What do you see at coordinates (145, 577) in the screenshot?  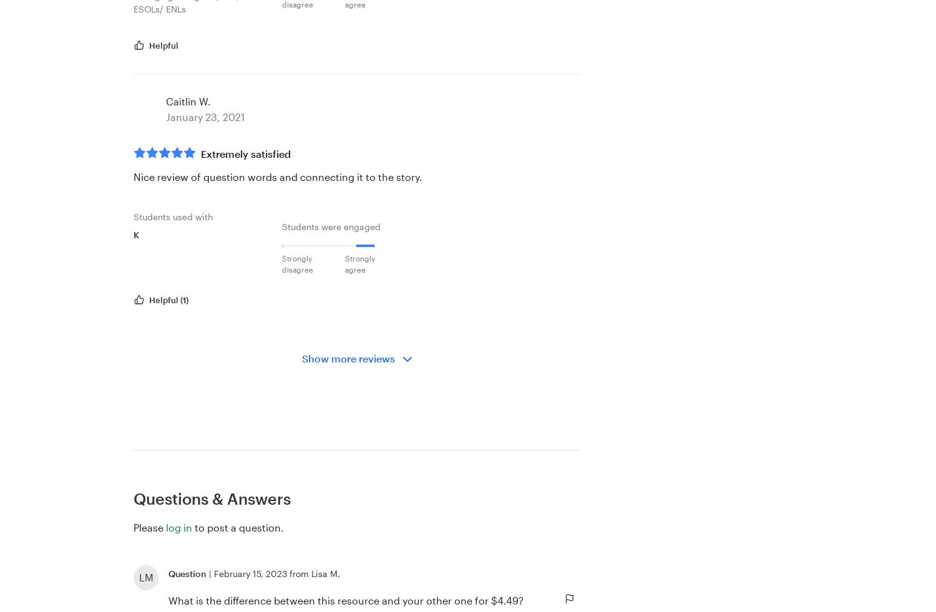 I see `'LM'` at bounding box center [145, 577].